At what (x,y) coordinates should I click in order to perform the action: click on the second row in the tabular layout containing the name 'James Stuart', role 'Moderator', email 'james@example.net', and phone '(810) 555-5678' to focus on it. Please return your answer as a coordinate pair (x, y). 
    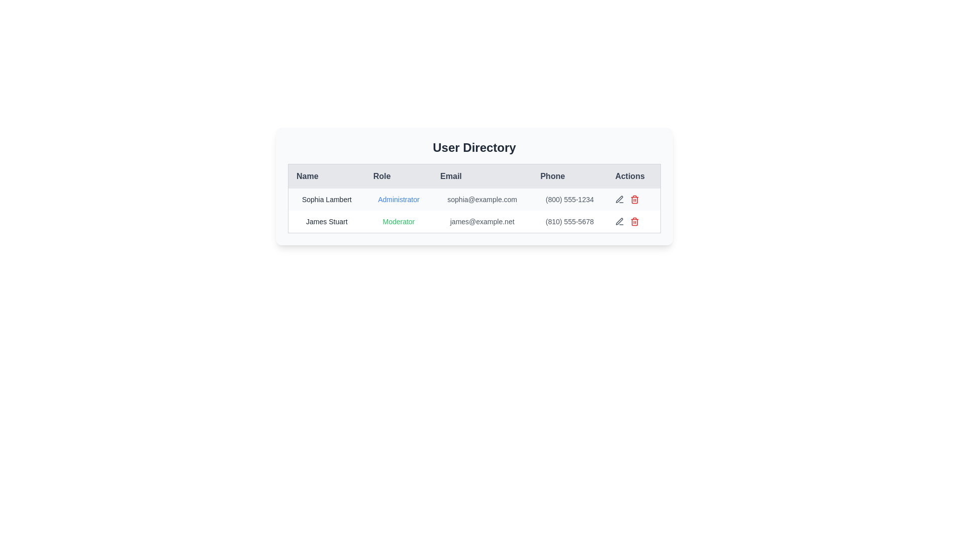
    Looking at the image, I should click on (474, 221).